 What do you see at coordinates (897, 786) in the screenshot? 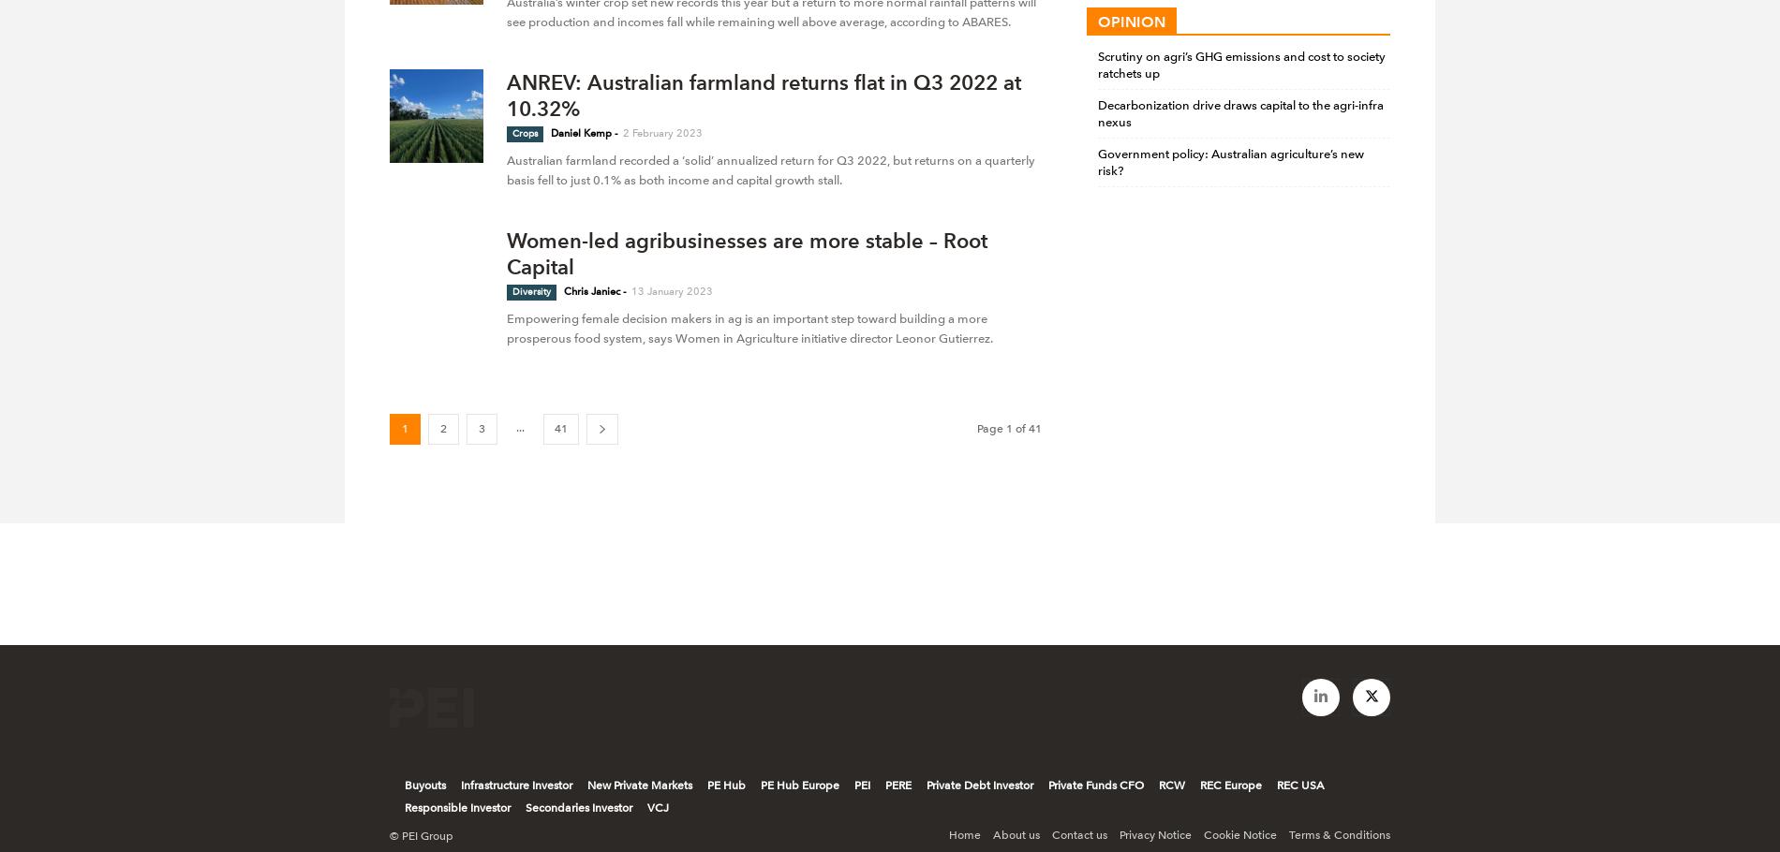
I see `'PERE'` at bounding box center [897, 786].